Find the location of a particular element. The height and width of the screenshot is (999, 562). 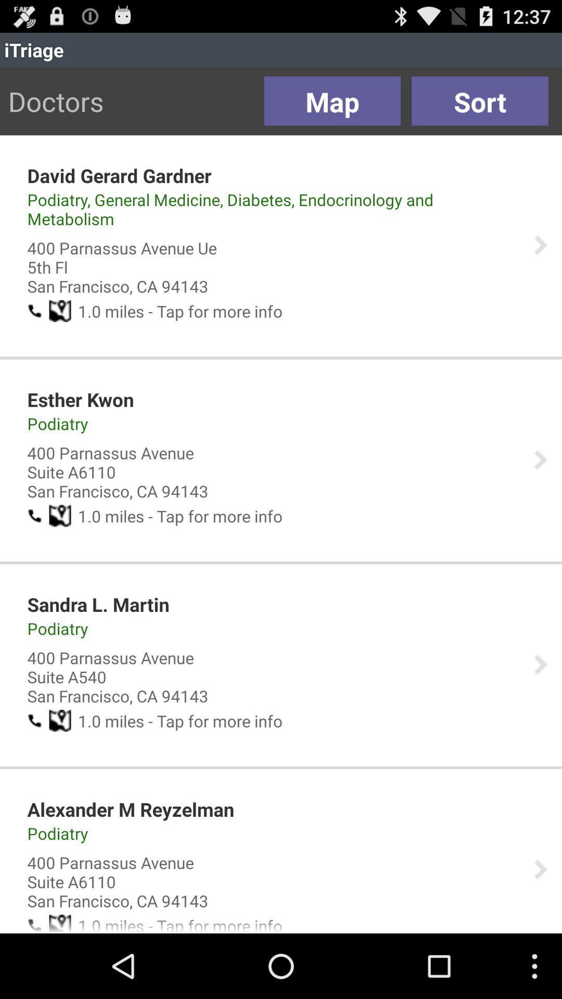

the item above the 400 parnassus avenue app is located at coordinates (273, 209).